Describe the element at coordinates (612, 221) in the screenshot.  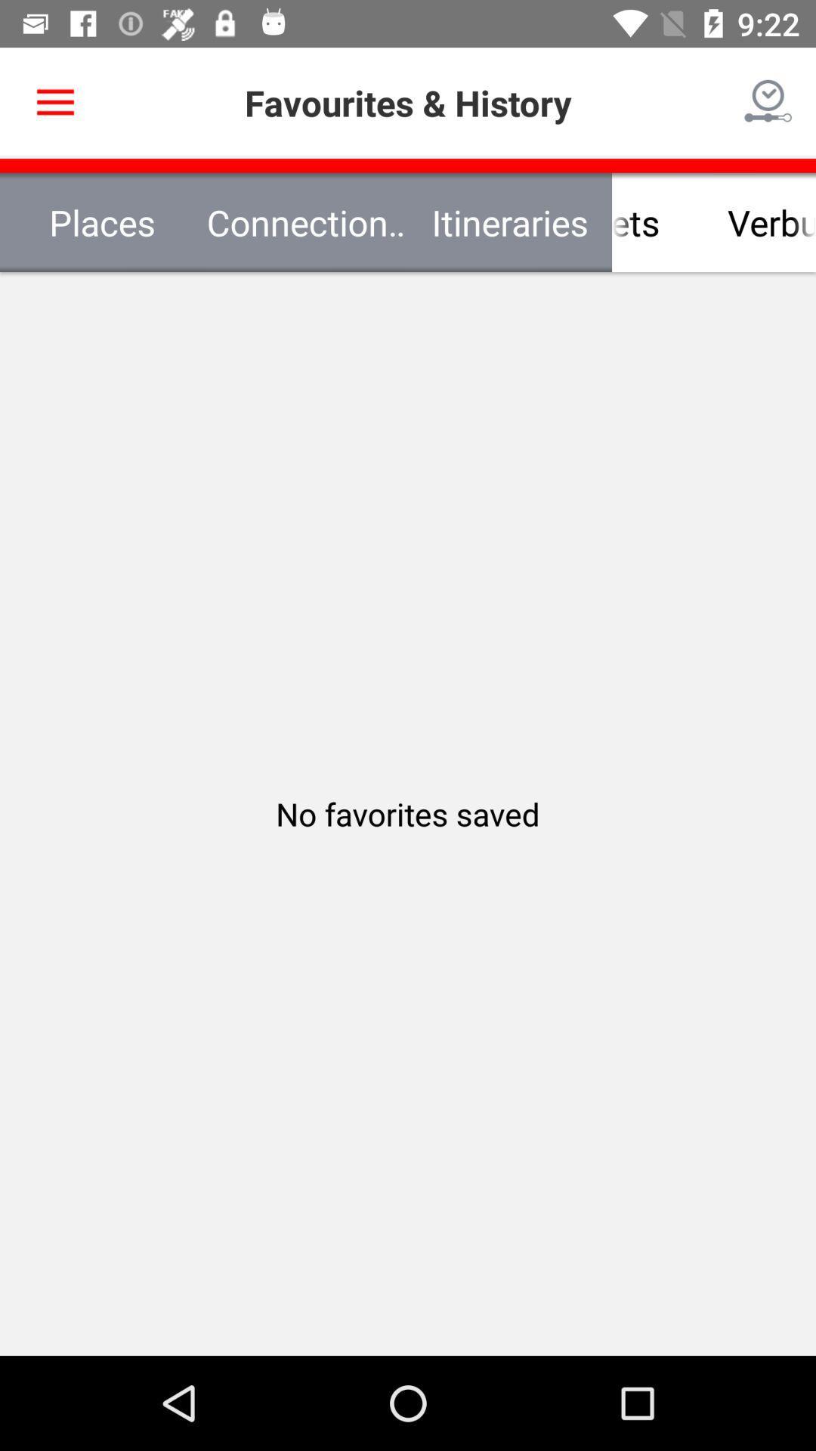
I see `the icon to the right of connection requests item` at that location.